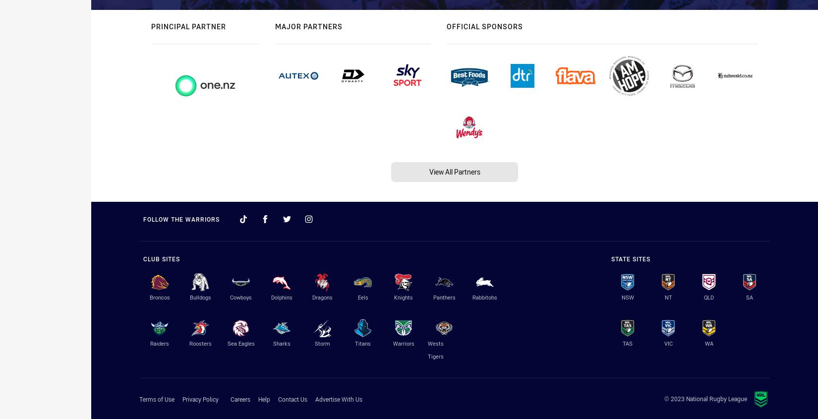 The image size is (818, 419). I want to click on 'Contact Us', so click(292, 399).